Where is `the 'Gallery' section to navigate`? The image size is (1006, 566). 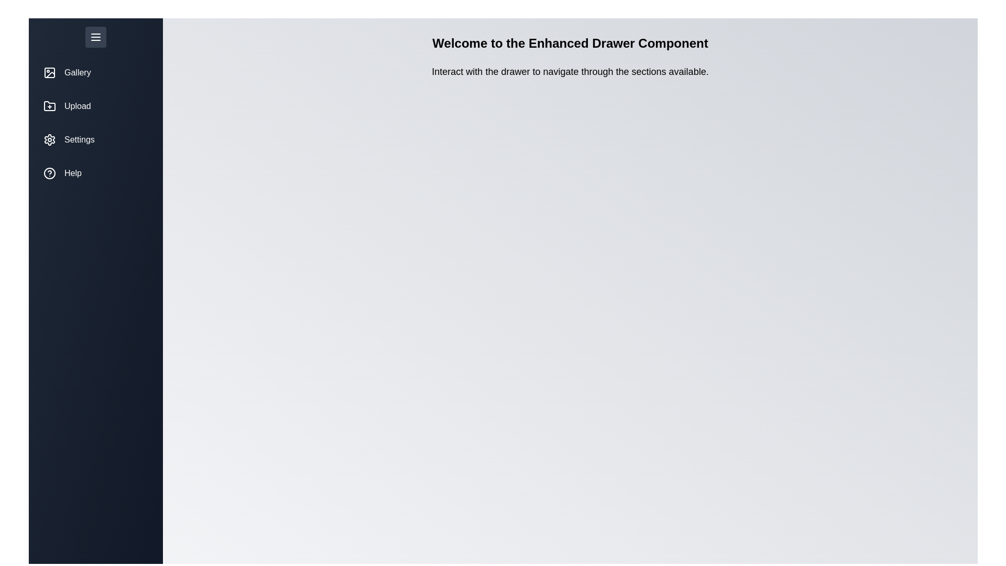 the 'Gallery' section to navigate is located at coordinates (95, 72).